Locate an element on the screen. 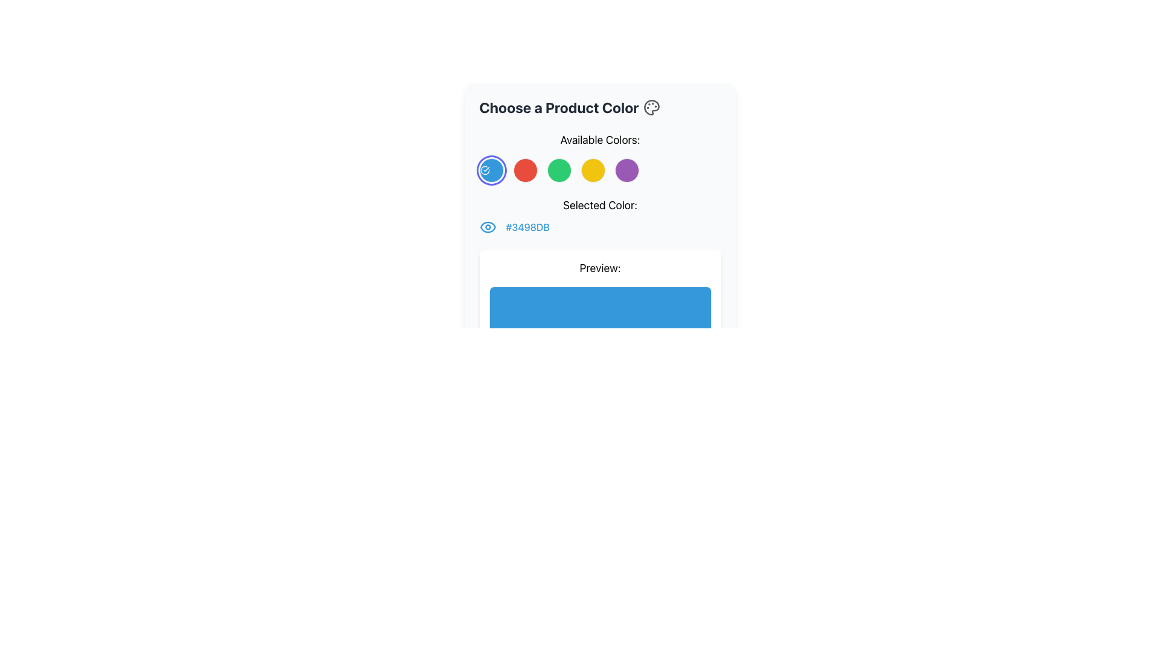 Image resolution: width=1160 pixels, height=653 pixels. the fifth circular button with a solid purple background in the 'Available Colors' layout is located at coordinates (627, 170).